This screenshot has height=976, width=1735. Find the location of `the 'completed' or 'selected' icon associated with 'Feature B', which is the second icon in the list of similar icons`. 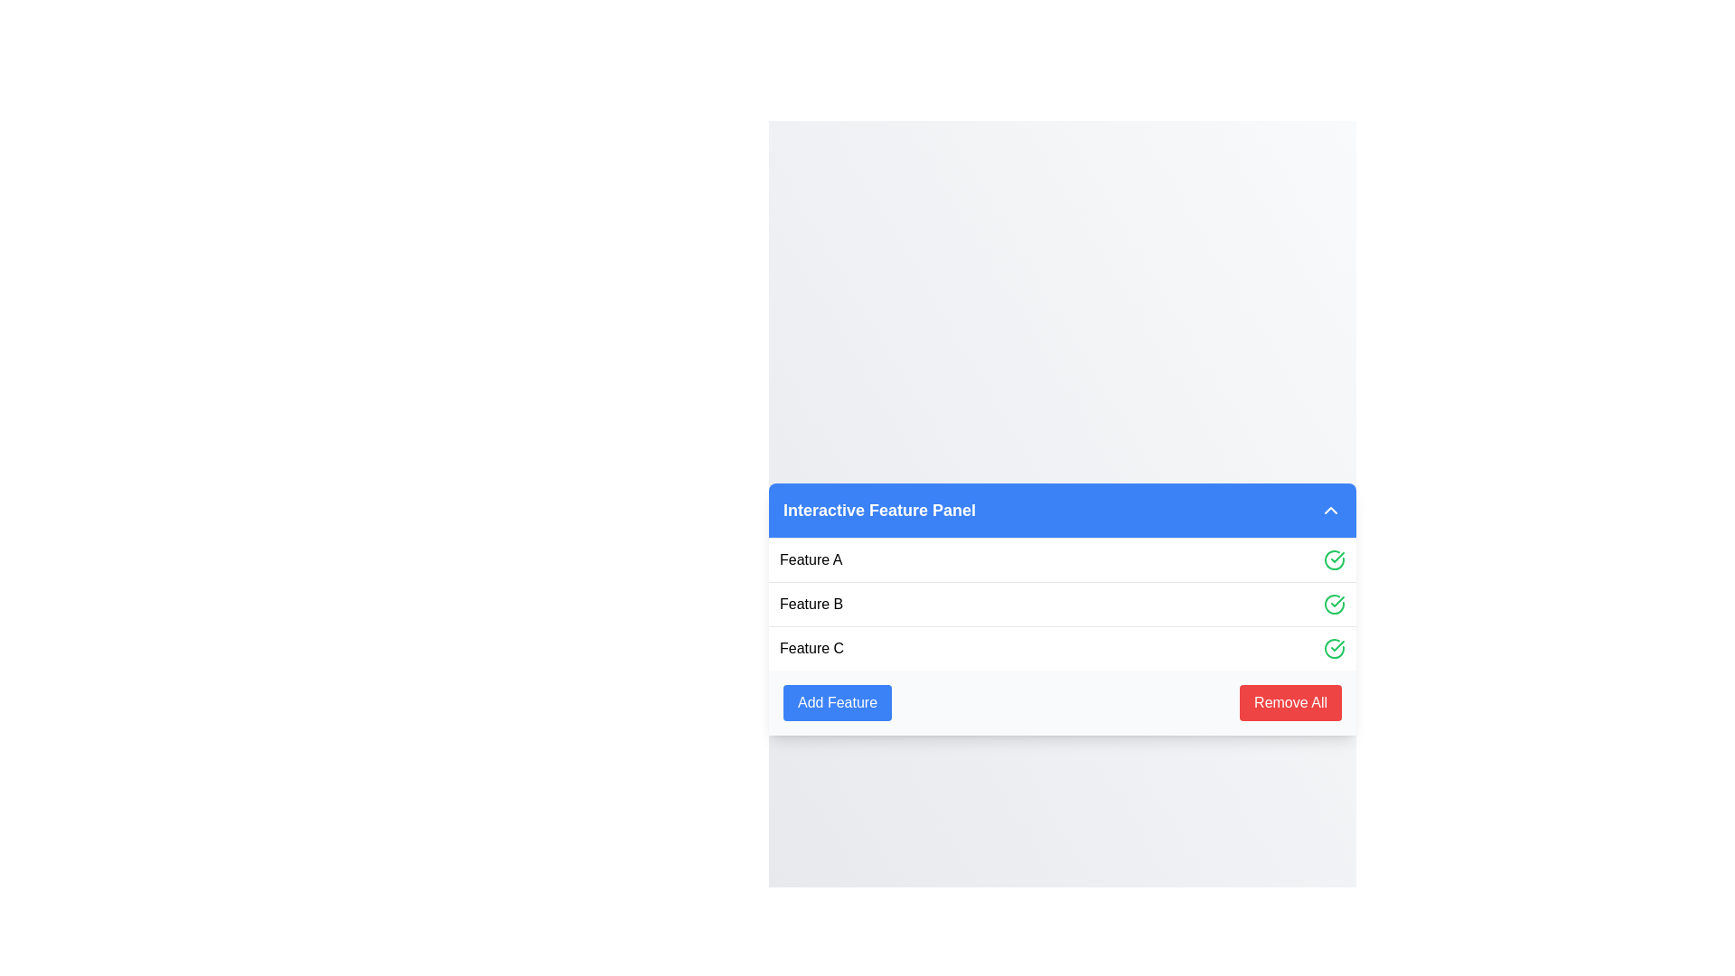

the 'completed' or 'selected' icon associated with 'Feature B', which is the second icon in the list of similar icons is located at coordinates (1335, 604).